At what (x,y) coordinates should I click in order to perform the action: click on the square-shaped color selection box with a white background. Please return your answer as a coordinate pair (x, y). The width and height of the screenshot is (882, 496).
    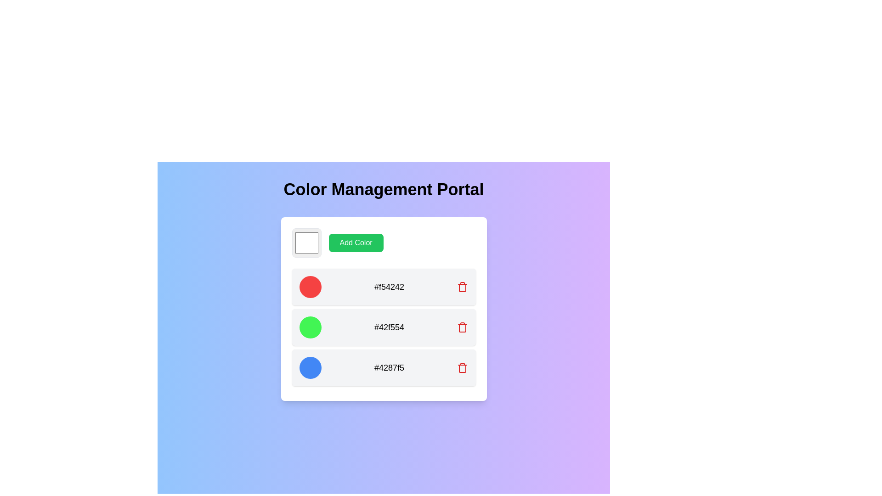
    Looking at the image, I should click on (306, 242).